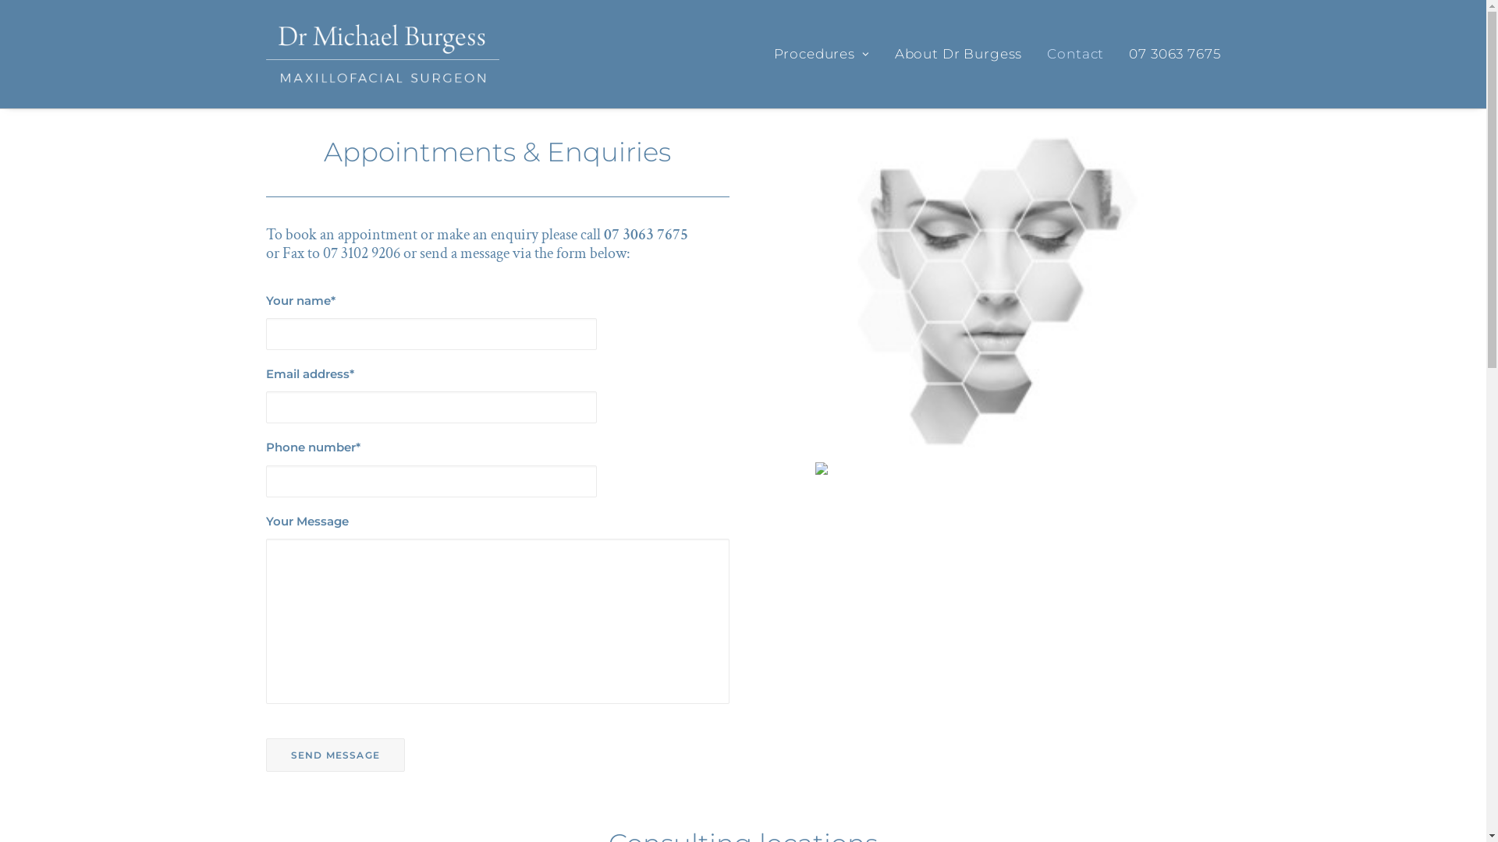  I want to click on '07 3063 7675', so click(1169, 53).